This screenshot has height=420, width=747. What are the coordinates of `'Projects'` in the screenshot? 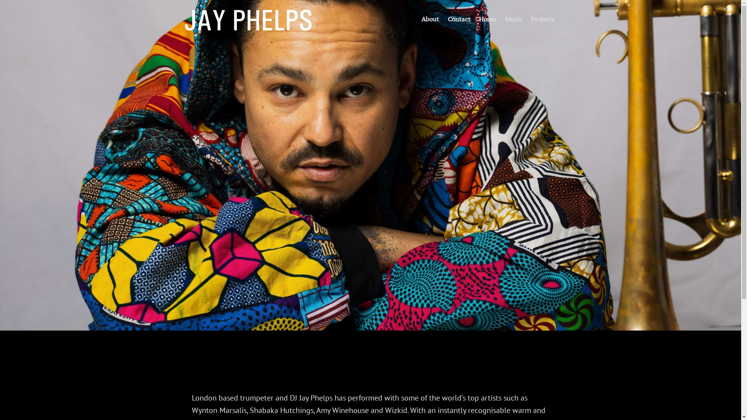 It's located at (542, 18).